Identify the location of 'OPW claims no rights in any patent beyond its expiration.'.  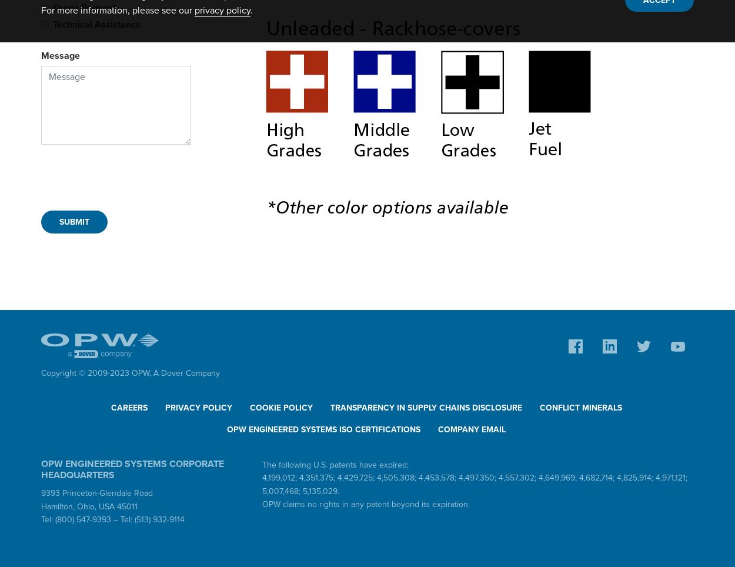
(365, 504).